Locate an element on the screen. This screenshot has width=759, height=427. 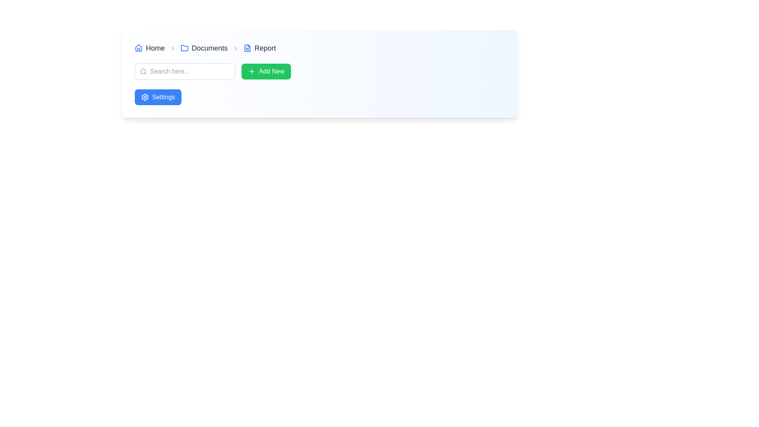
the blue document icon next to the word 'Report' in the breadcrumb navigation bar at the top of the interface is located at coordinates (247, 48).